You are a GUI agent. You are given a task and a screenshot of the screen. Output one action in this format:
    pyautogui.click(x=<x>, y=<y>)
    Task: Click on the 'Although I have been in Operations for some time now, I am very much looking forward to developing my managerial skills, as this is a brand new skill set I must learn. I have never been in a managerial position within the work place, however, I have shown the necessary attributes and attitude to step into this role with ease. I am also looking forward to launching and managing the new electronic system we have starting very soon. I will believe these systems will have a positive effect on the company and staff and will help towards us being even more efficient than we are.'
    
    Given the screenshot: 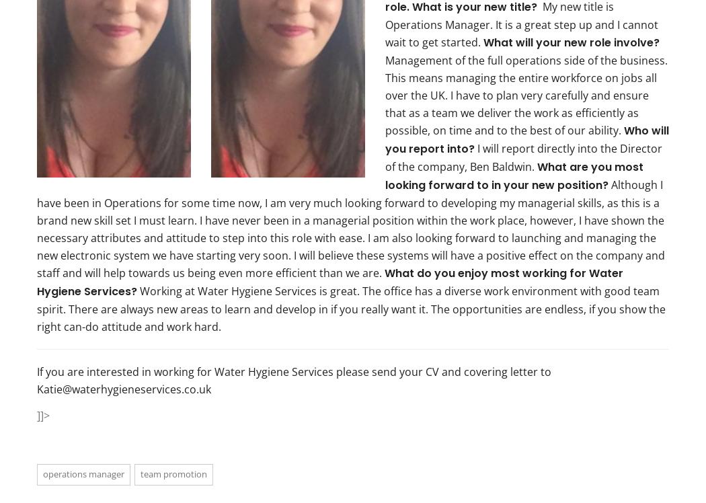 What is the action you would take?
    pyautogui.click(x=350, y=227)
    